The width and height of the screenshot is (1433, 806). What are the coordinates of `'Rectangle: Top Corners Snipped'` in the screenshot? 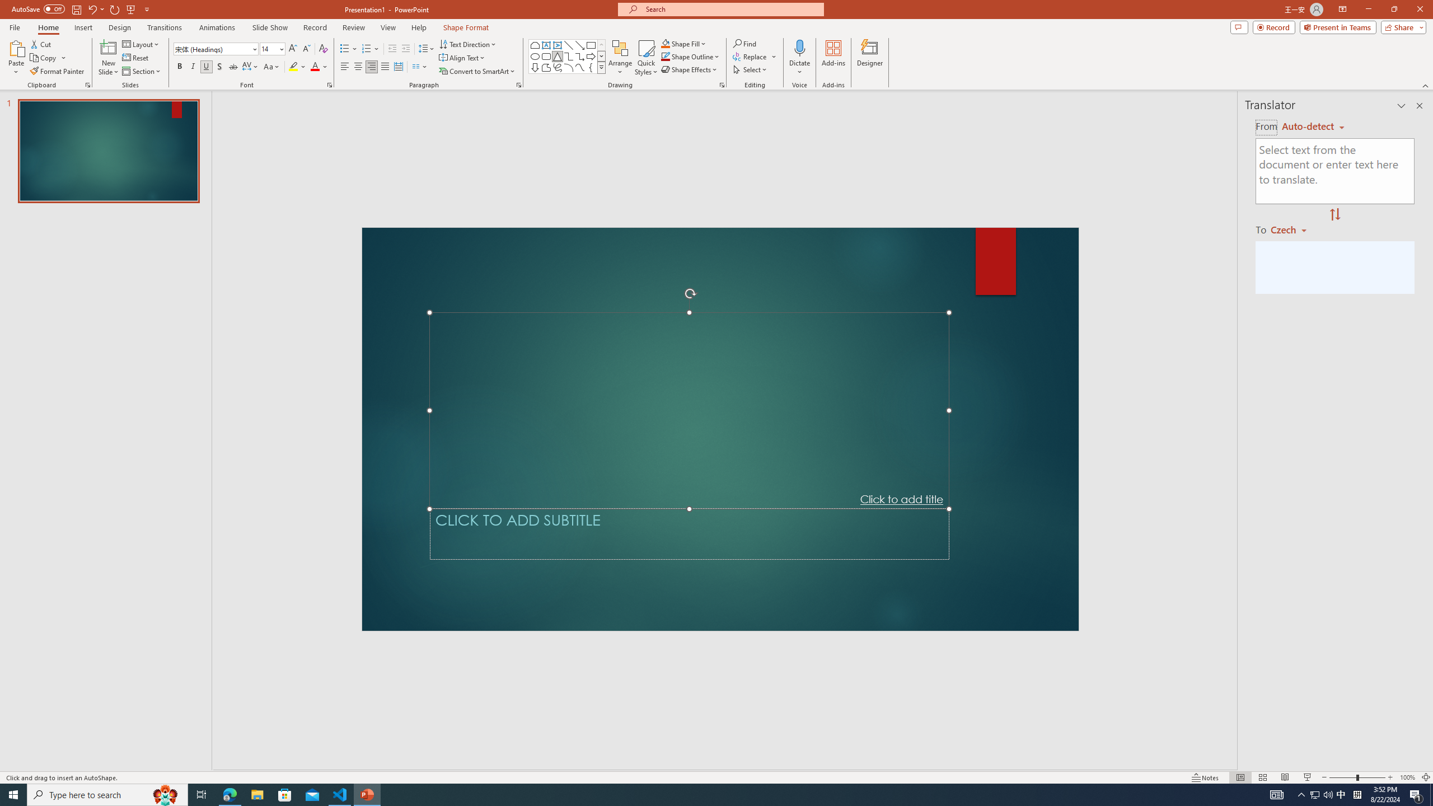 It's located at (535, 45).